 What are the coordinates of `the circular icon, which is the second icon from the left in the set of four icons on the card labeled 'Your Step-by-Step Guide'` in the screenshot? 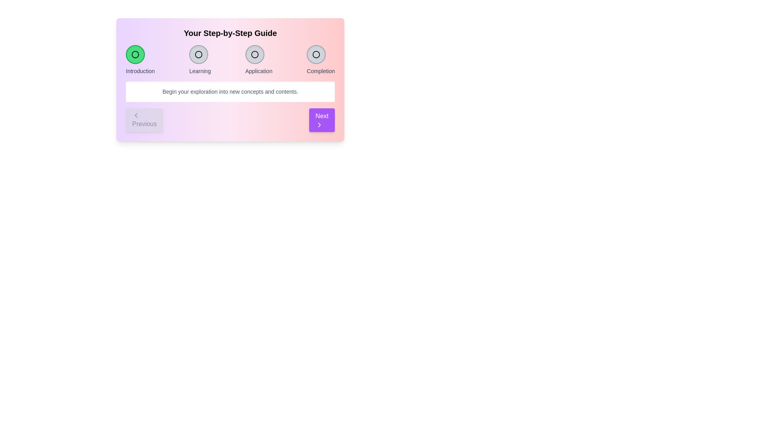 It's located at (199, 54).